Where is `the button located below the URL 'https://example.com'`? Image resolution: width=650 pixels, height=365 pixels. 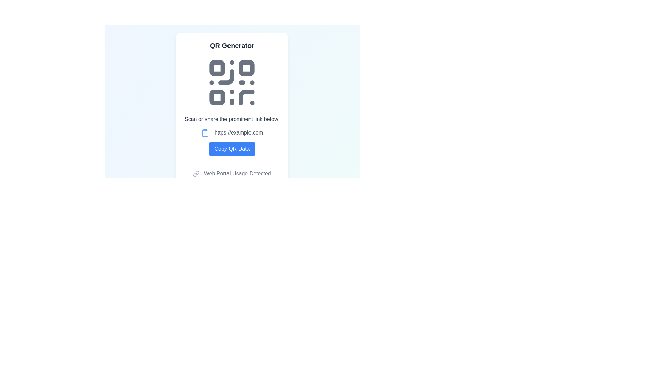 the button located below the URL 'https://example.com' is located at coordinates (232, 148).